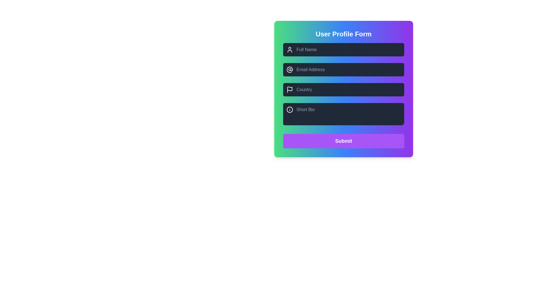  I want to click on and copy text from the Multiline text input field with rounded corners and a dark gray background, identified by its placeholder text 'Short Bio', so click(343, 114).